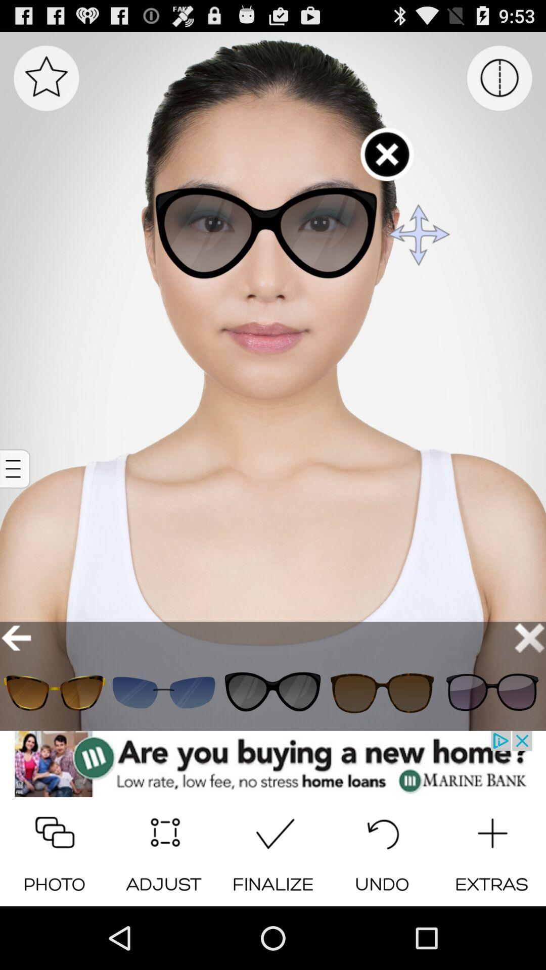 The image size is (546, 970). What do you see at coordinates (16, 637) in the screenshot?
I see `back page` at bounding box center [16, 637].